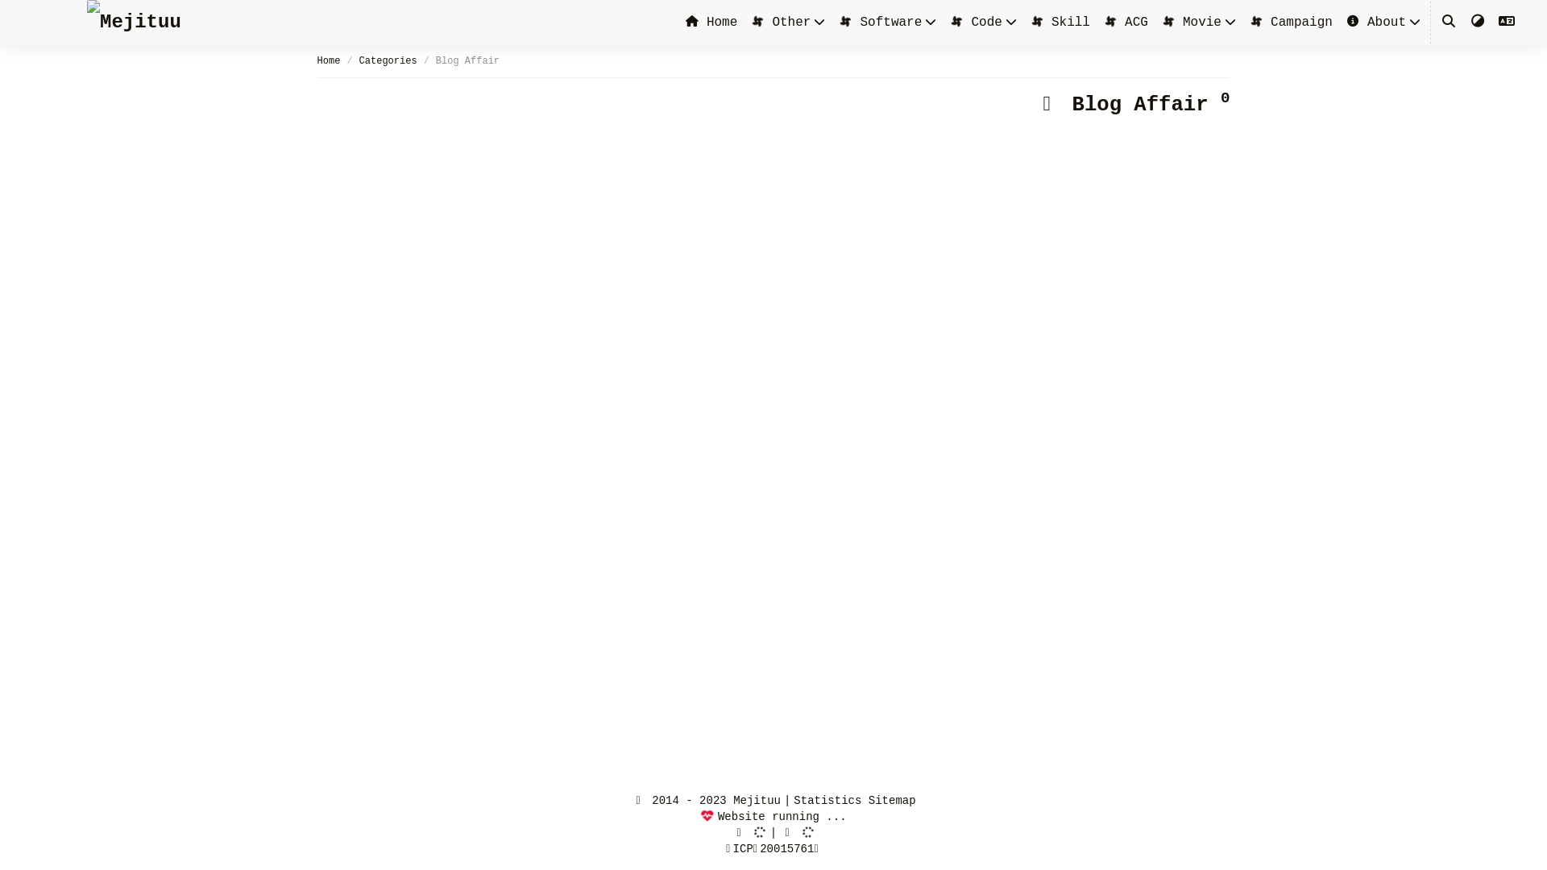  I want to click on 'Other', so click(780, 22).